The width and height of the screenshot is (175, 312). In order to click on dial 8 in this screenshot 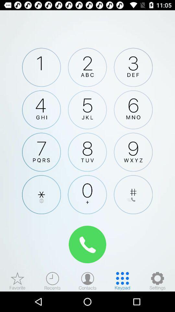, I will do `click(87, 152)`.